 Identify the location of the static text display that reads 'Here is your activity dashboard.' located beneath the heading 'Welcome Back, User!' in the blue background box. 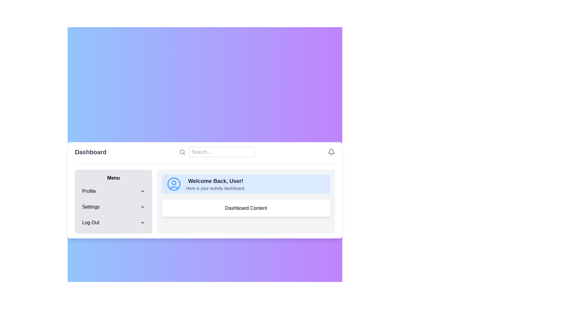
(216, 188).